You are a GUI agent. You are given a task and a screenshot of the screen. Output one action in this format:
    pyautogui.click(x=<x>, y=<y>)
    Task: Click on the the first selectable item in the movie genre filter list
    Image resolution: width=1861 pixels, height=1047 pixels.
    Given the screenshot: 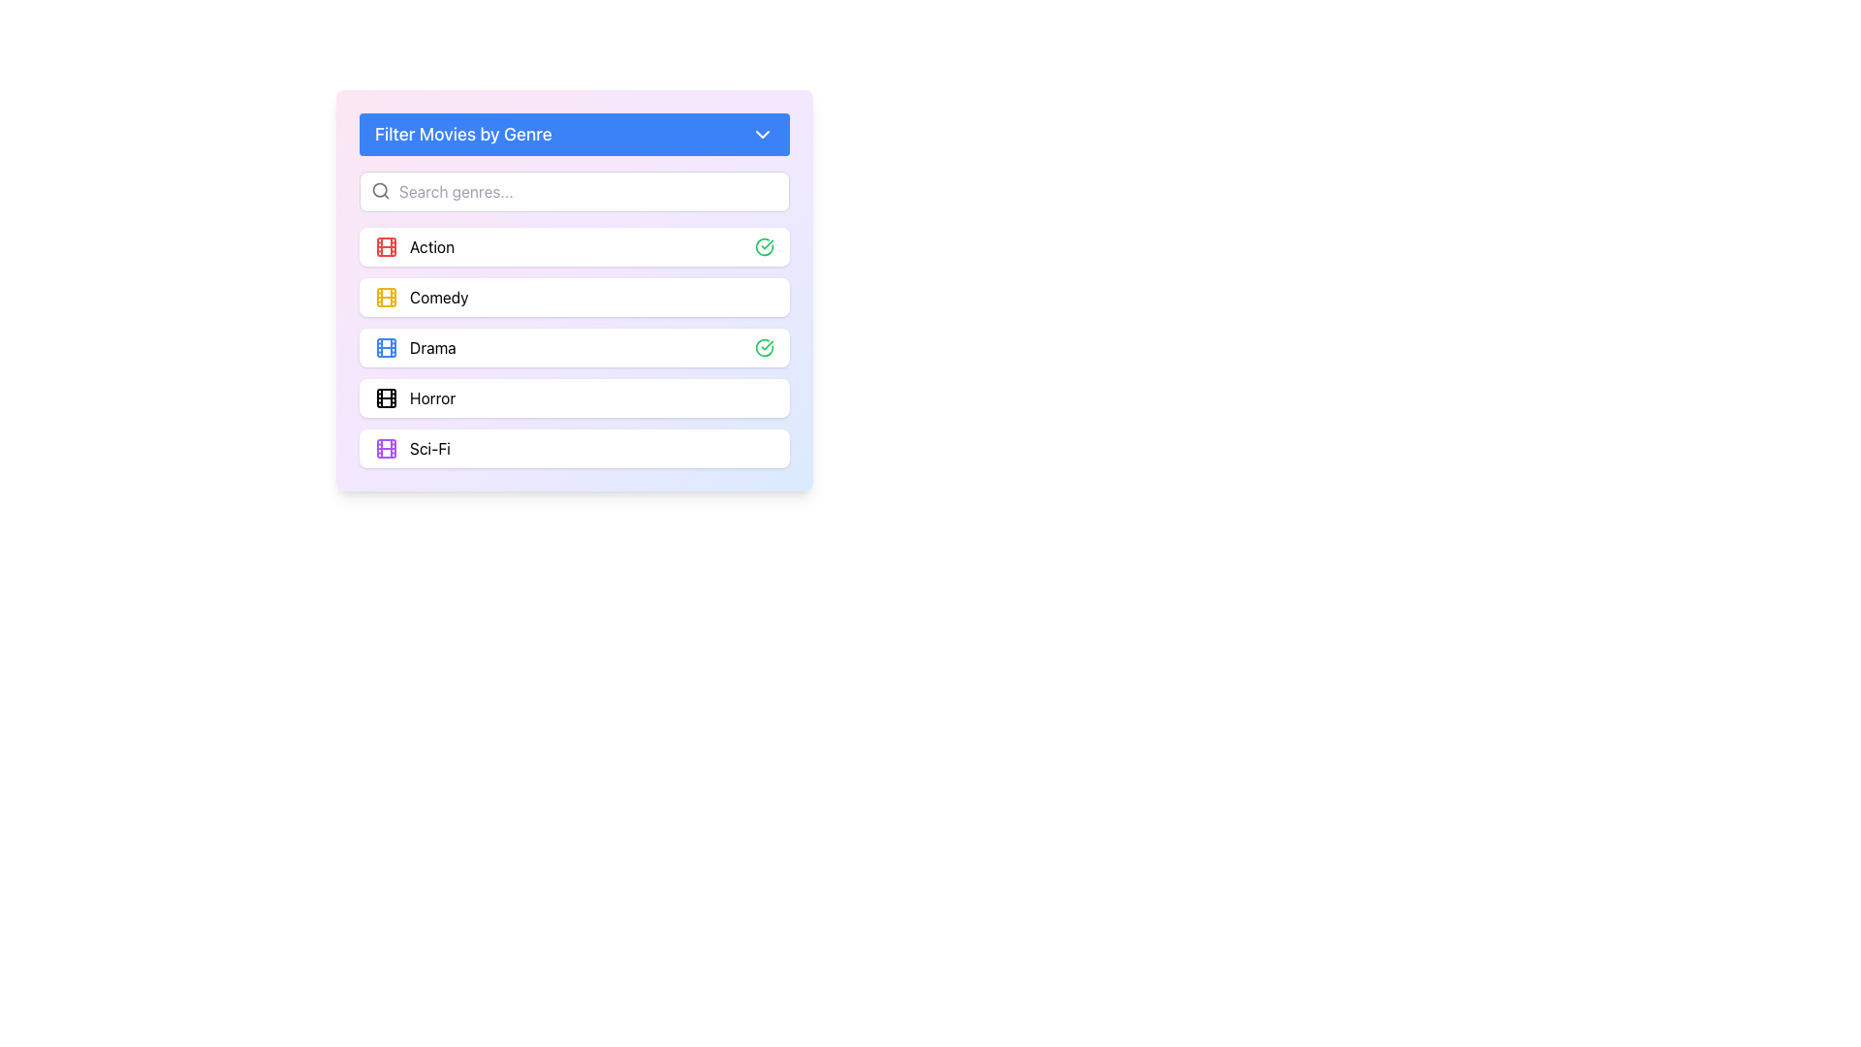 What is the action you would take?
    pyautogui.click(x=574, y=245)
    